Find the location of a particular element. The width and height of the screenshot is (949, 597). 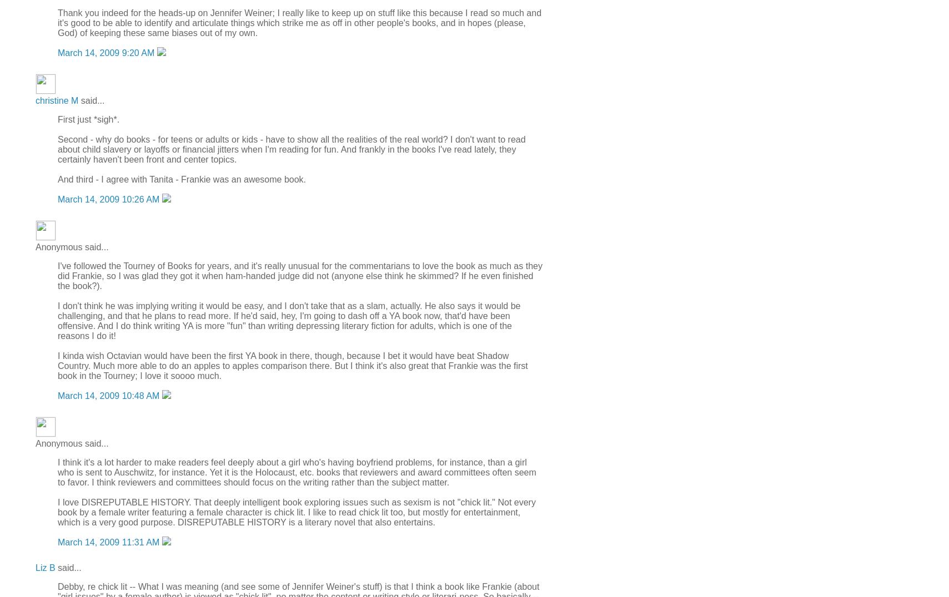

'First just *sigh*.' is located at coordinates (88, 118).